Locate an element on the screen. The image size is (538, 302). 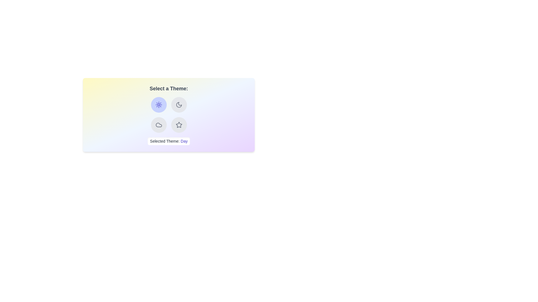
the text displaying the current theme description, which is located below the theme selection buttons is located at coordinates (168, 141).